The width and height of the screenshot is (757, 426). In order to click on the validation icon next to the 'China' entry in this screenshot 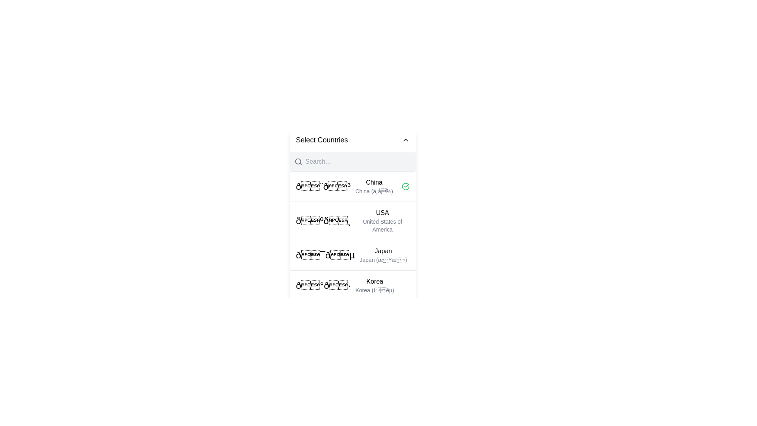, I will do `click(405, 187)`.